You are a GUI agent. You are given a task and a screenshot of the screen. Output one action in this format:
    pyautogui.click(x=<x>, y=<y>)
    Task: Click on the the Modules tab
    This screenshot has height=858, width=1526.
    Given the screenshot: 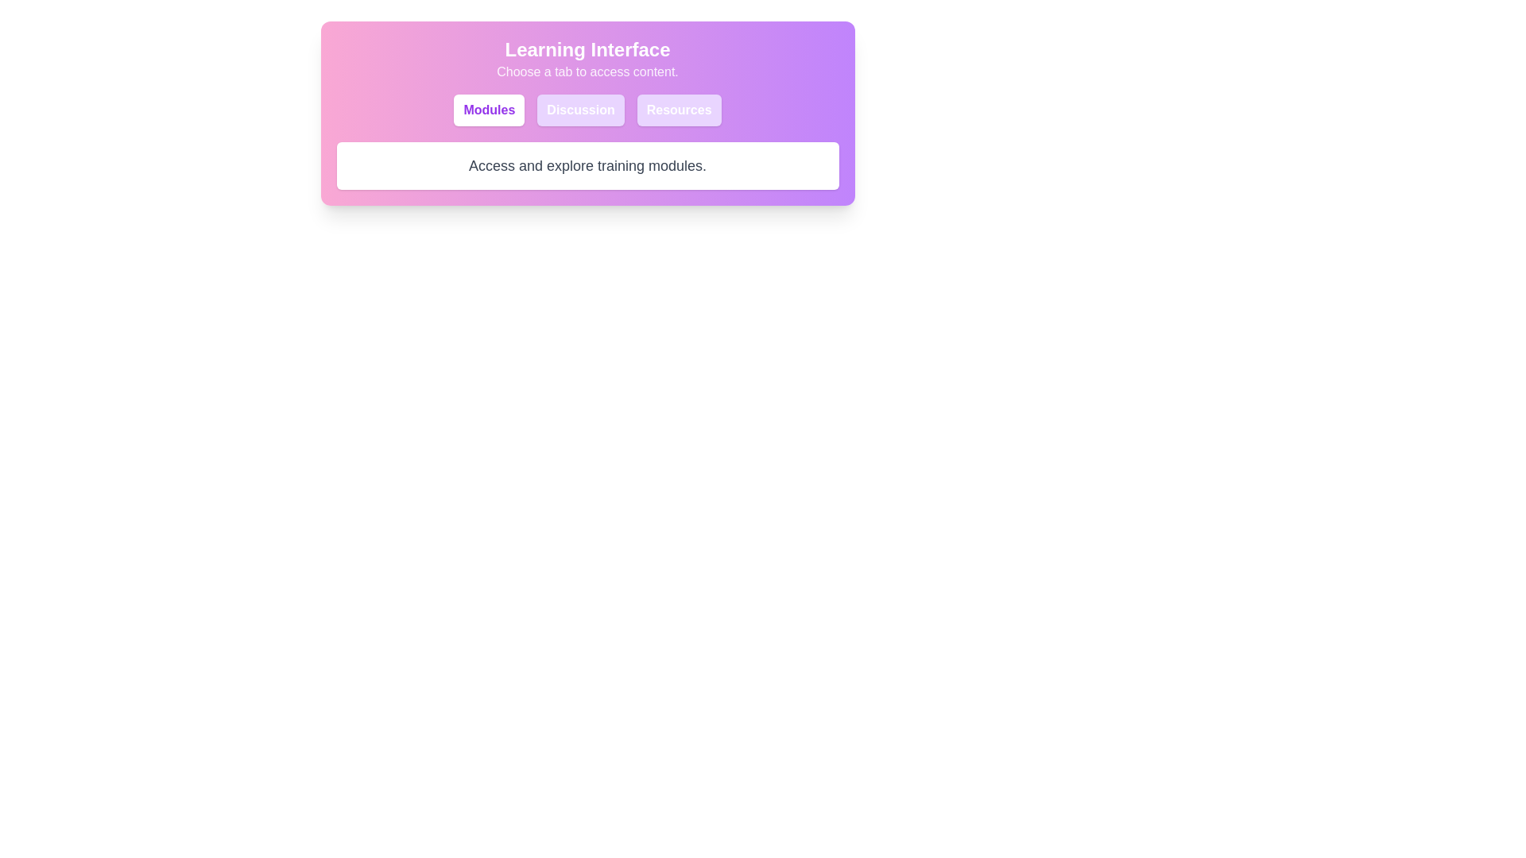 What is the action you would take?
    pyautogui.click(x=488, y=109)
    